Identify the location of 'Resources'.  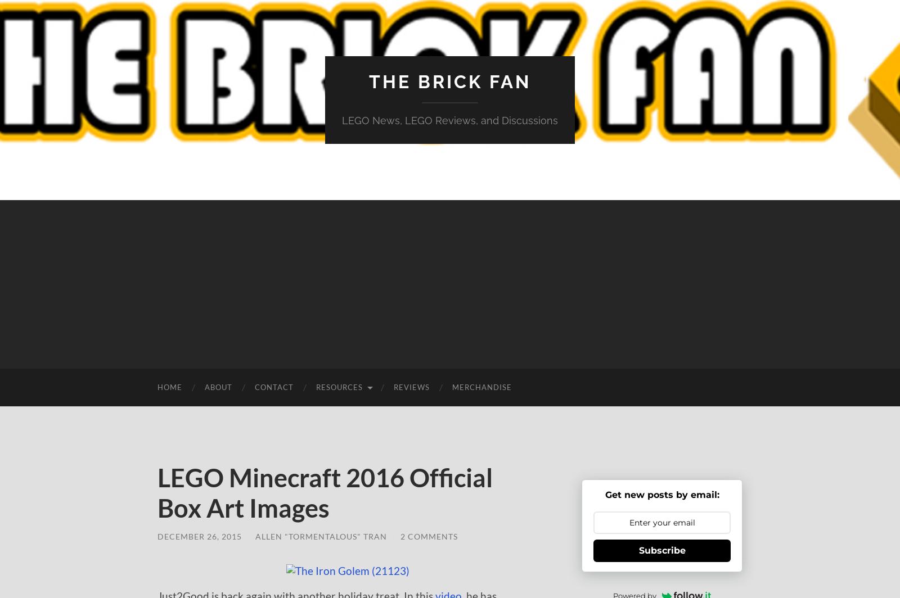
(339, 387).